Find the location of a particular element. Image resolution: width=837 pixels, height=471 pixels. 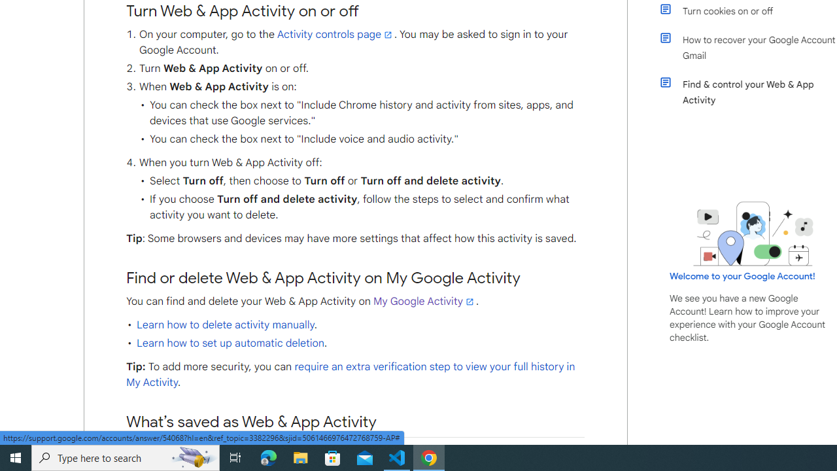

'Welcome to your Google Account!' is located at coordinates (742, 275).